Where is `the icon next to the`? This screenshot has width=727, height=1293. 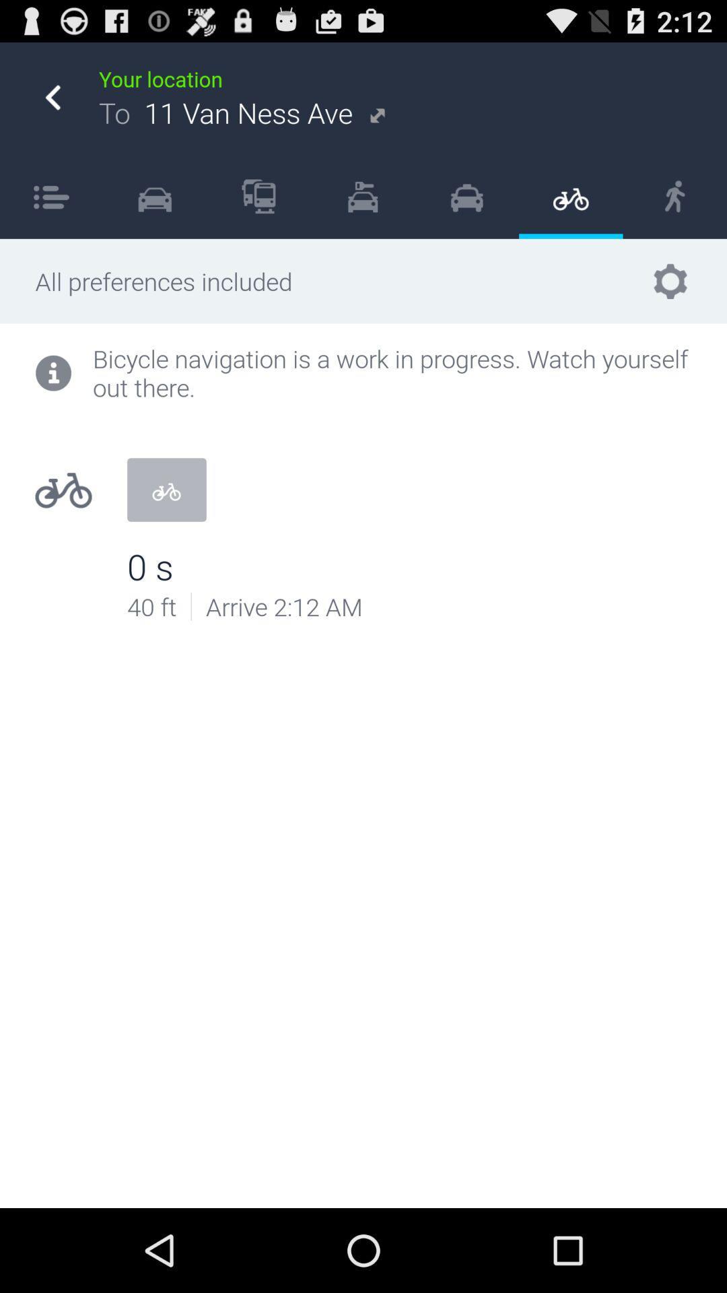
the icon next to the is located at coordinates (258, 195).